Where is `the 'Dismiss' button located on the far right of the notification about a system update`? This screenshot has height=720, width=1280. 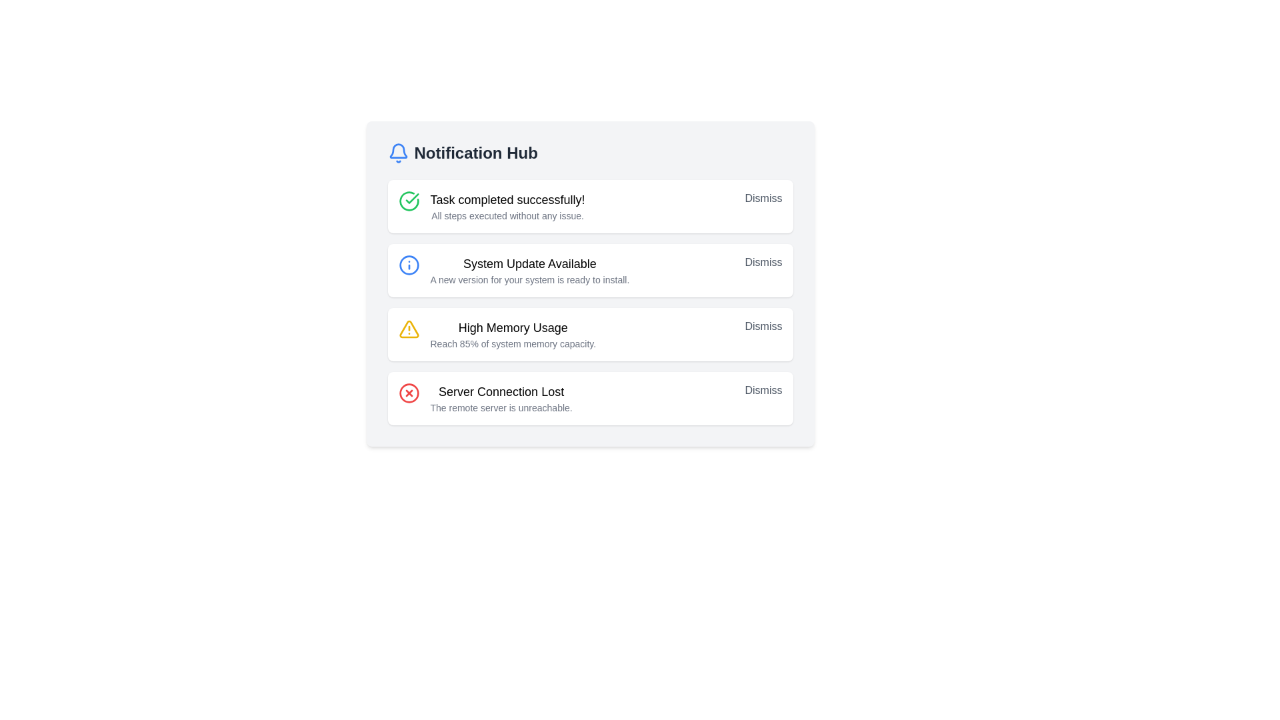
the 'Dismiss' button located on the far right of the notification about a system update is located at coordinates (763, 262).